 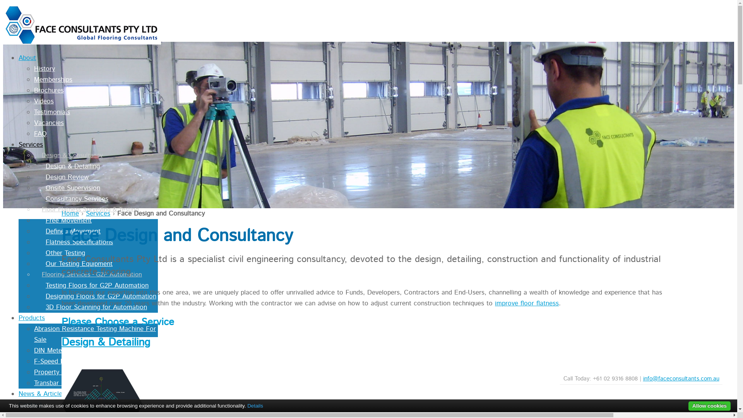 What do you see at coordinates (681, 378) in the screenshot?
I see `'info@faceconsultants.com.au'` at bounding box center [681, 378].